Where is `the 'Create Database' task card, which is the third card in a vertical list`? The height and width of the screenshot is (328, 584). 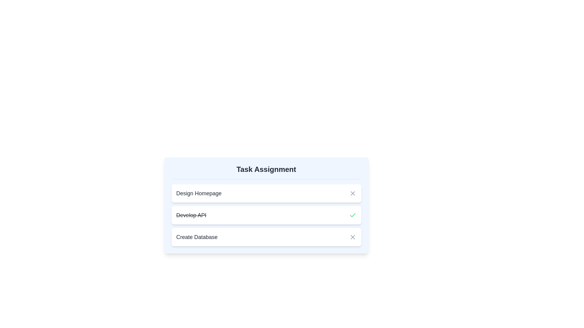
the 'Create Database' task card, which is the third card in a vertical list is located at coordinates (266, 237).